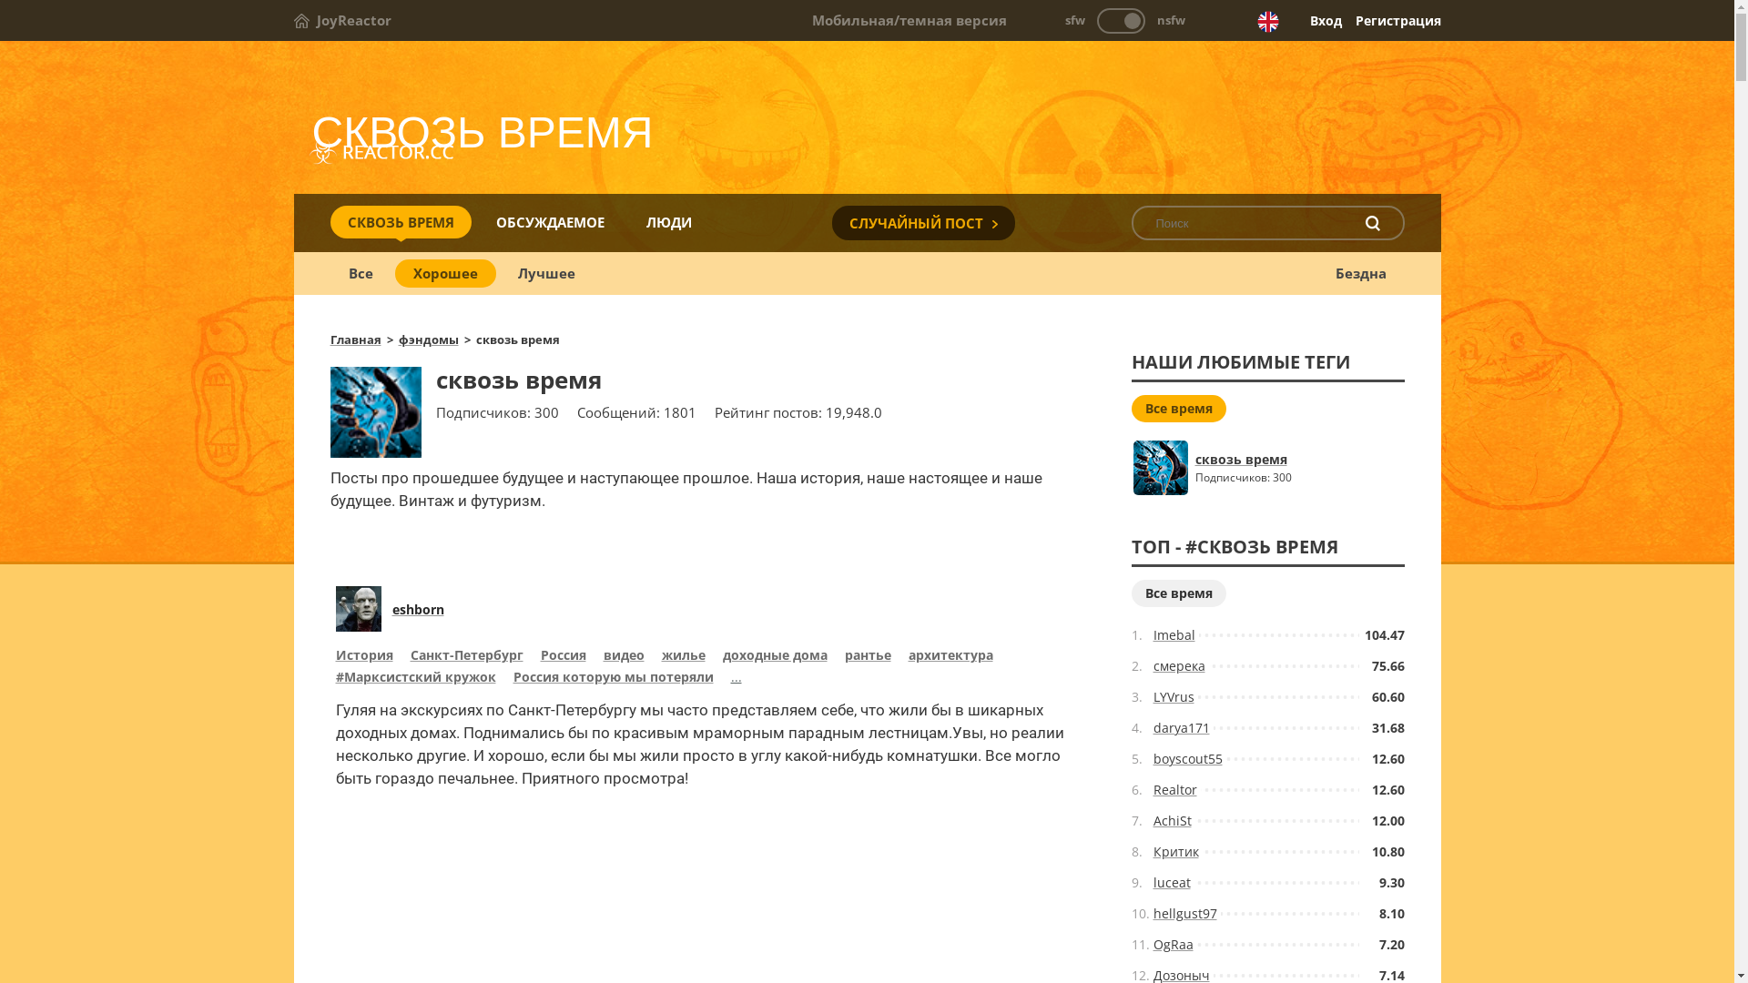 This screenshot has width=1748, height=983. What do you see at coordinates (1171, 881) in the screenshot?
I see `'luceat'` at bounding box center [1171, 881].